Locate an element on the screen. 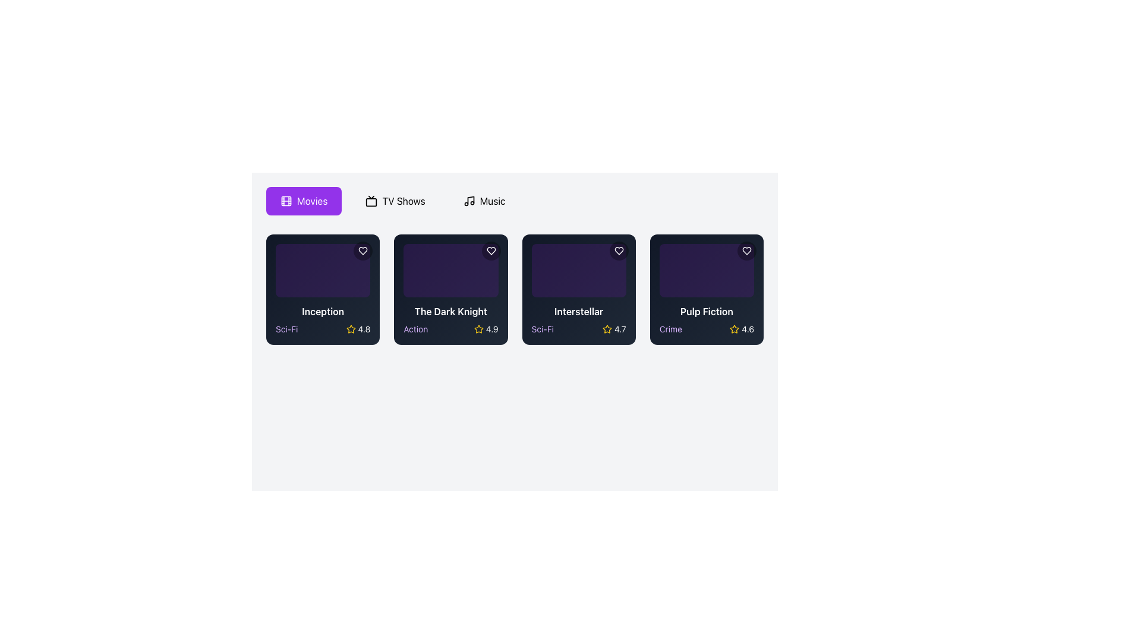 The height and width of the screenshot is (641, 1141). text label that says 'Music', which is positioned in the navigation bar adjacent to a music note icon is located at coordinates (493, 201).